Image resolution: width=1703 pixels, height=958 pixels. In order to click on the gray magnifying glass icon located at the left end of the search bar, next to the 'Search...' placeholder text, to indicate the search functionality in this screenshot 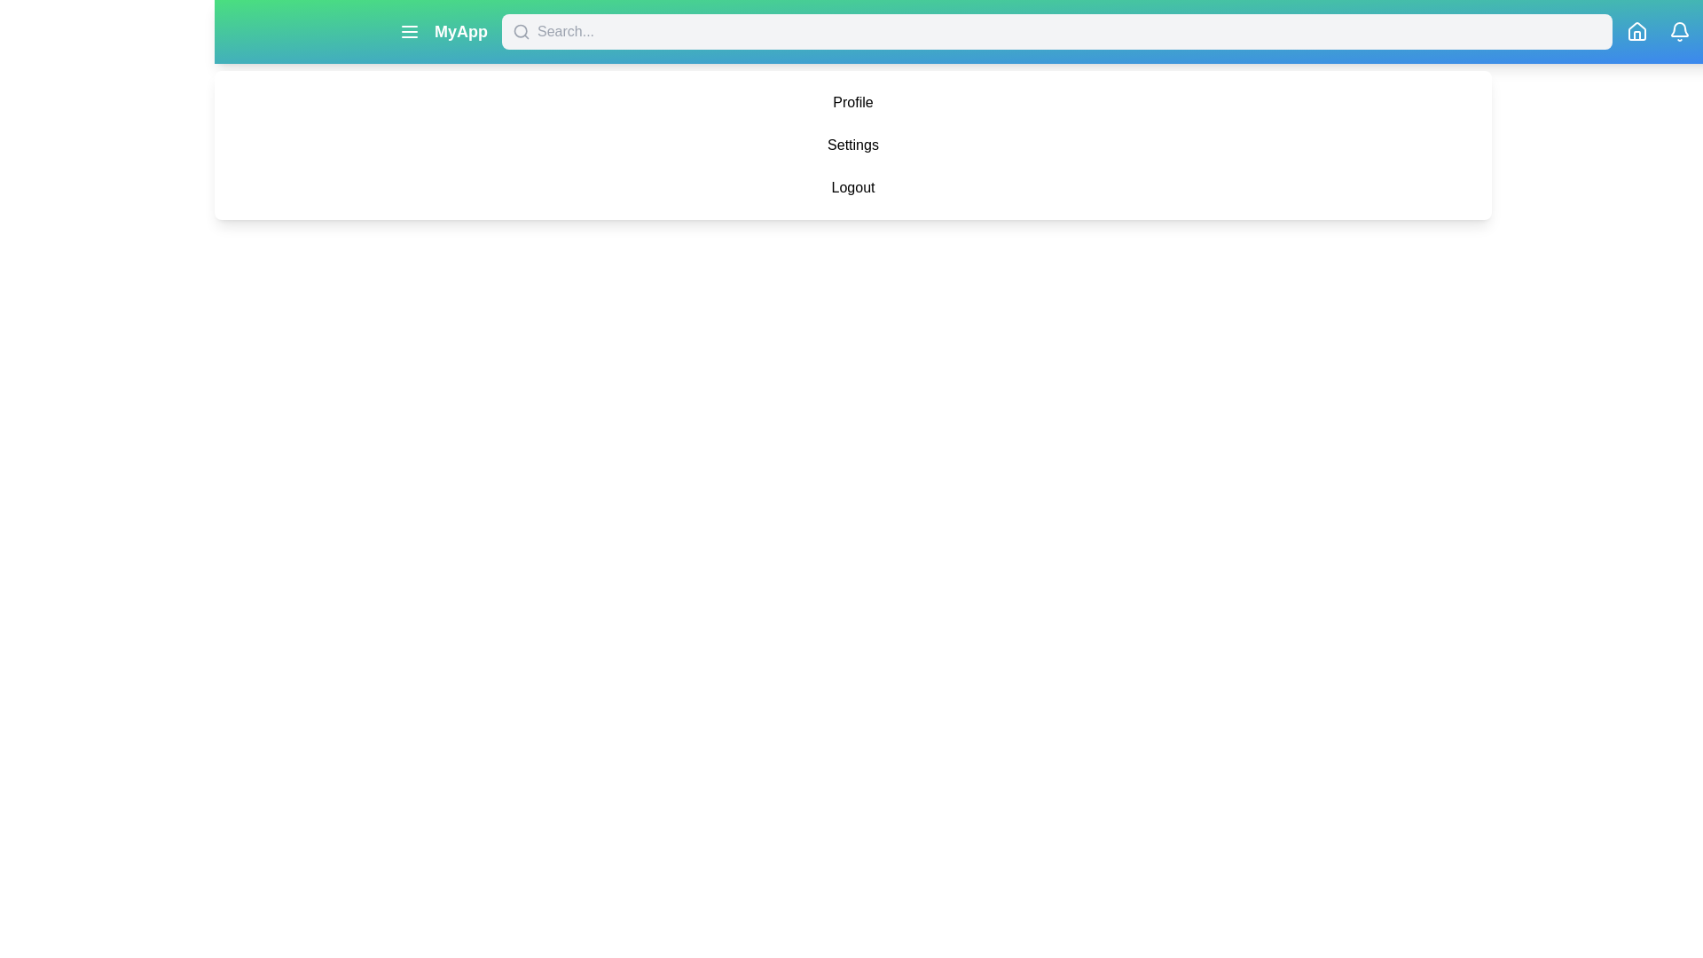, I will do `click(521, 31)`.